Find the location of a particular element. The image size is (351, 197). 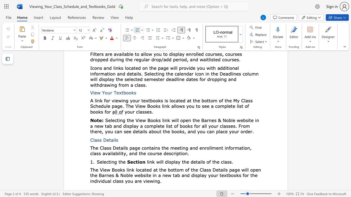

the 1th character "i" in the text is located at coordinates (103, 169).